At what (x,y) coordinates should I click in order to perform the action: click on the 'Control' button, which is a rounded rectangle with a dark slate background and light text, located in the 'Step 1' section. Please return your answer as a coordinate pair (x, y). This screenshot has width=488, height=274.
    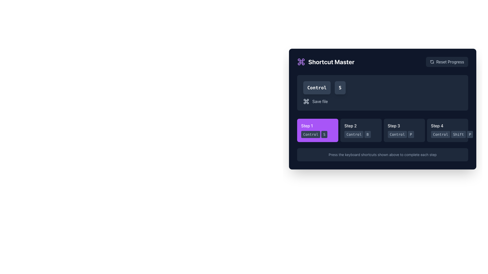
    Looking at the image, I should click on (310, 134).